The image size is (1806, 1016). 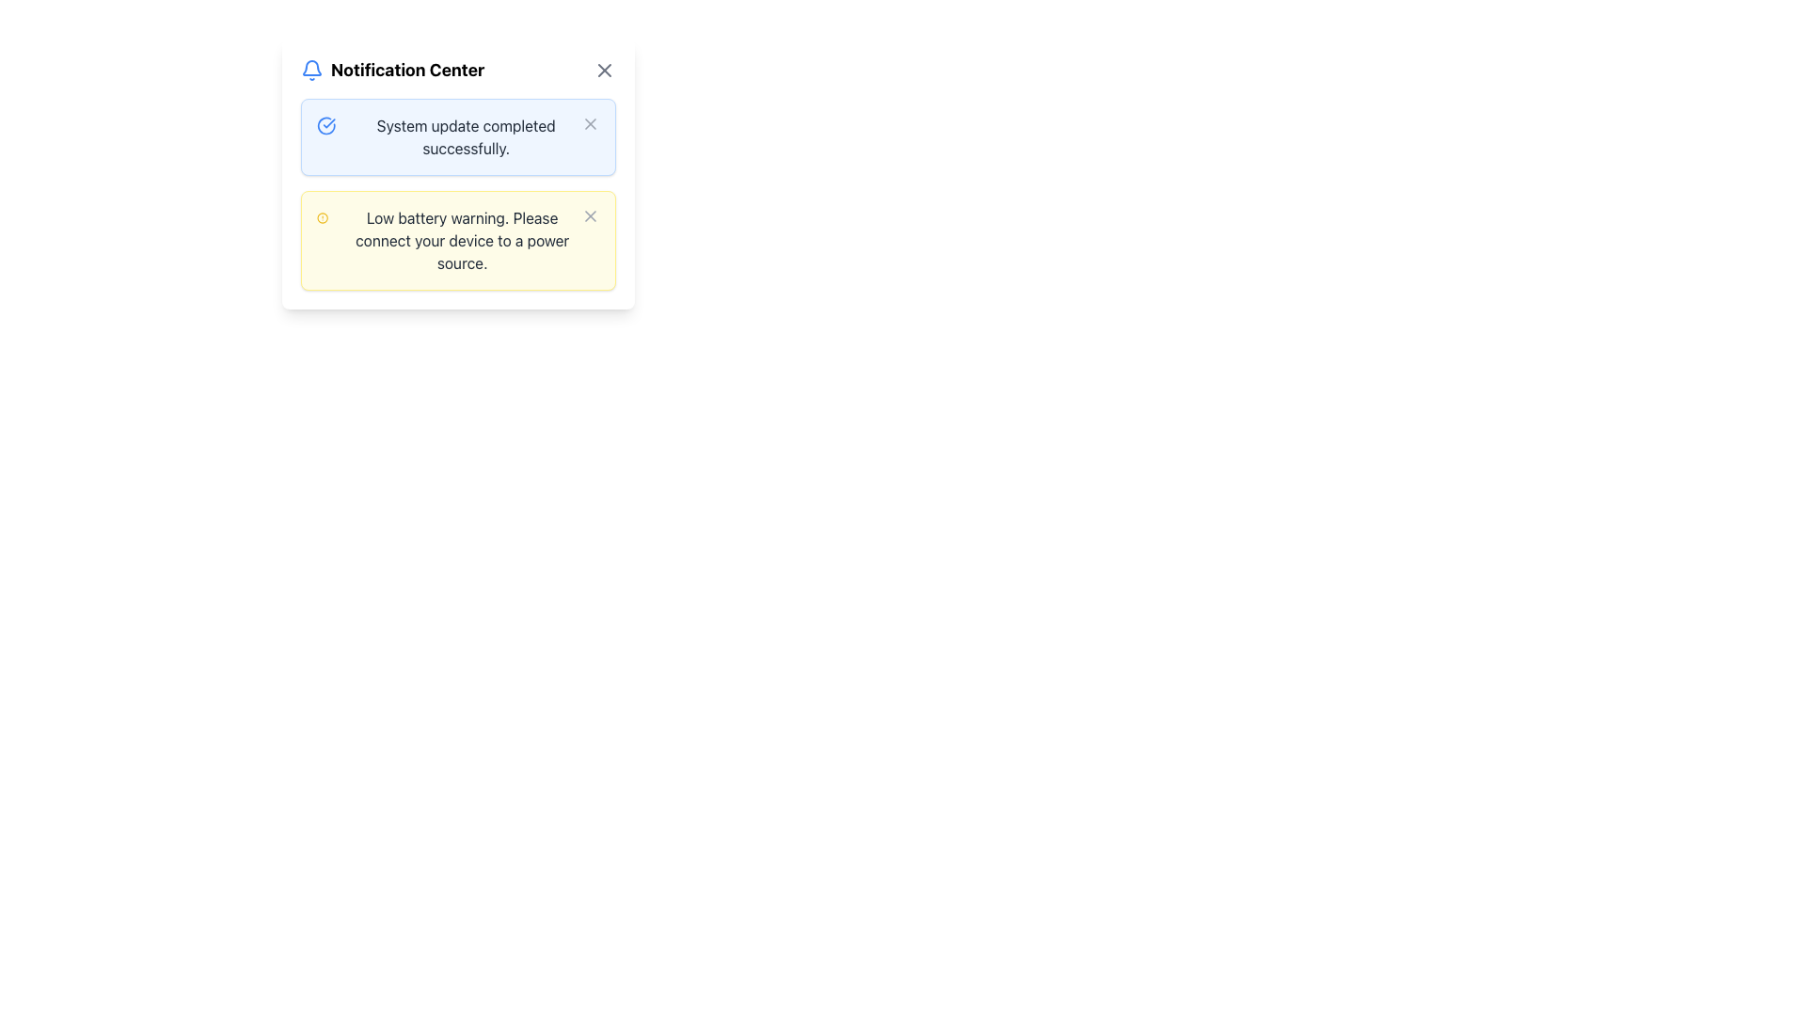 I want to click on the close button located within the notification box, so click(x=590, y=123).